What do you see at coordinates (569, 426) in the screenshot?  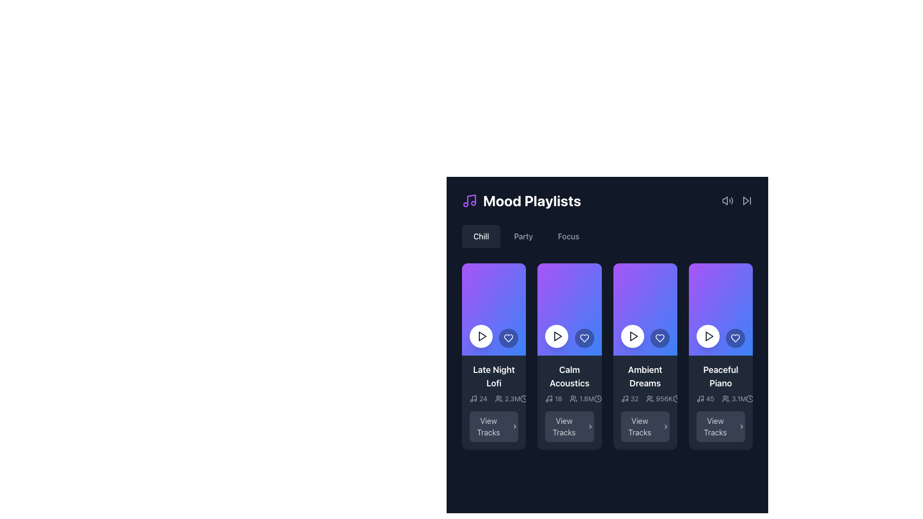 I see `the 'View Tracks' button located at the bottom-right corner of the 'Calm Acoustics' card` at bounding box center [569, 426].